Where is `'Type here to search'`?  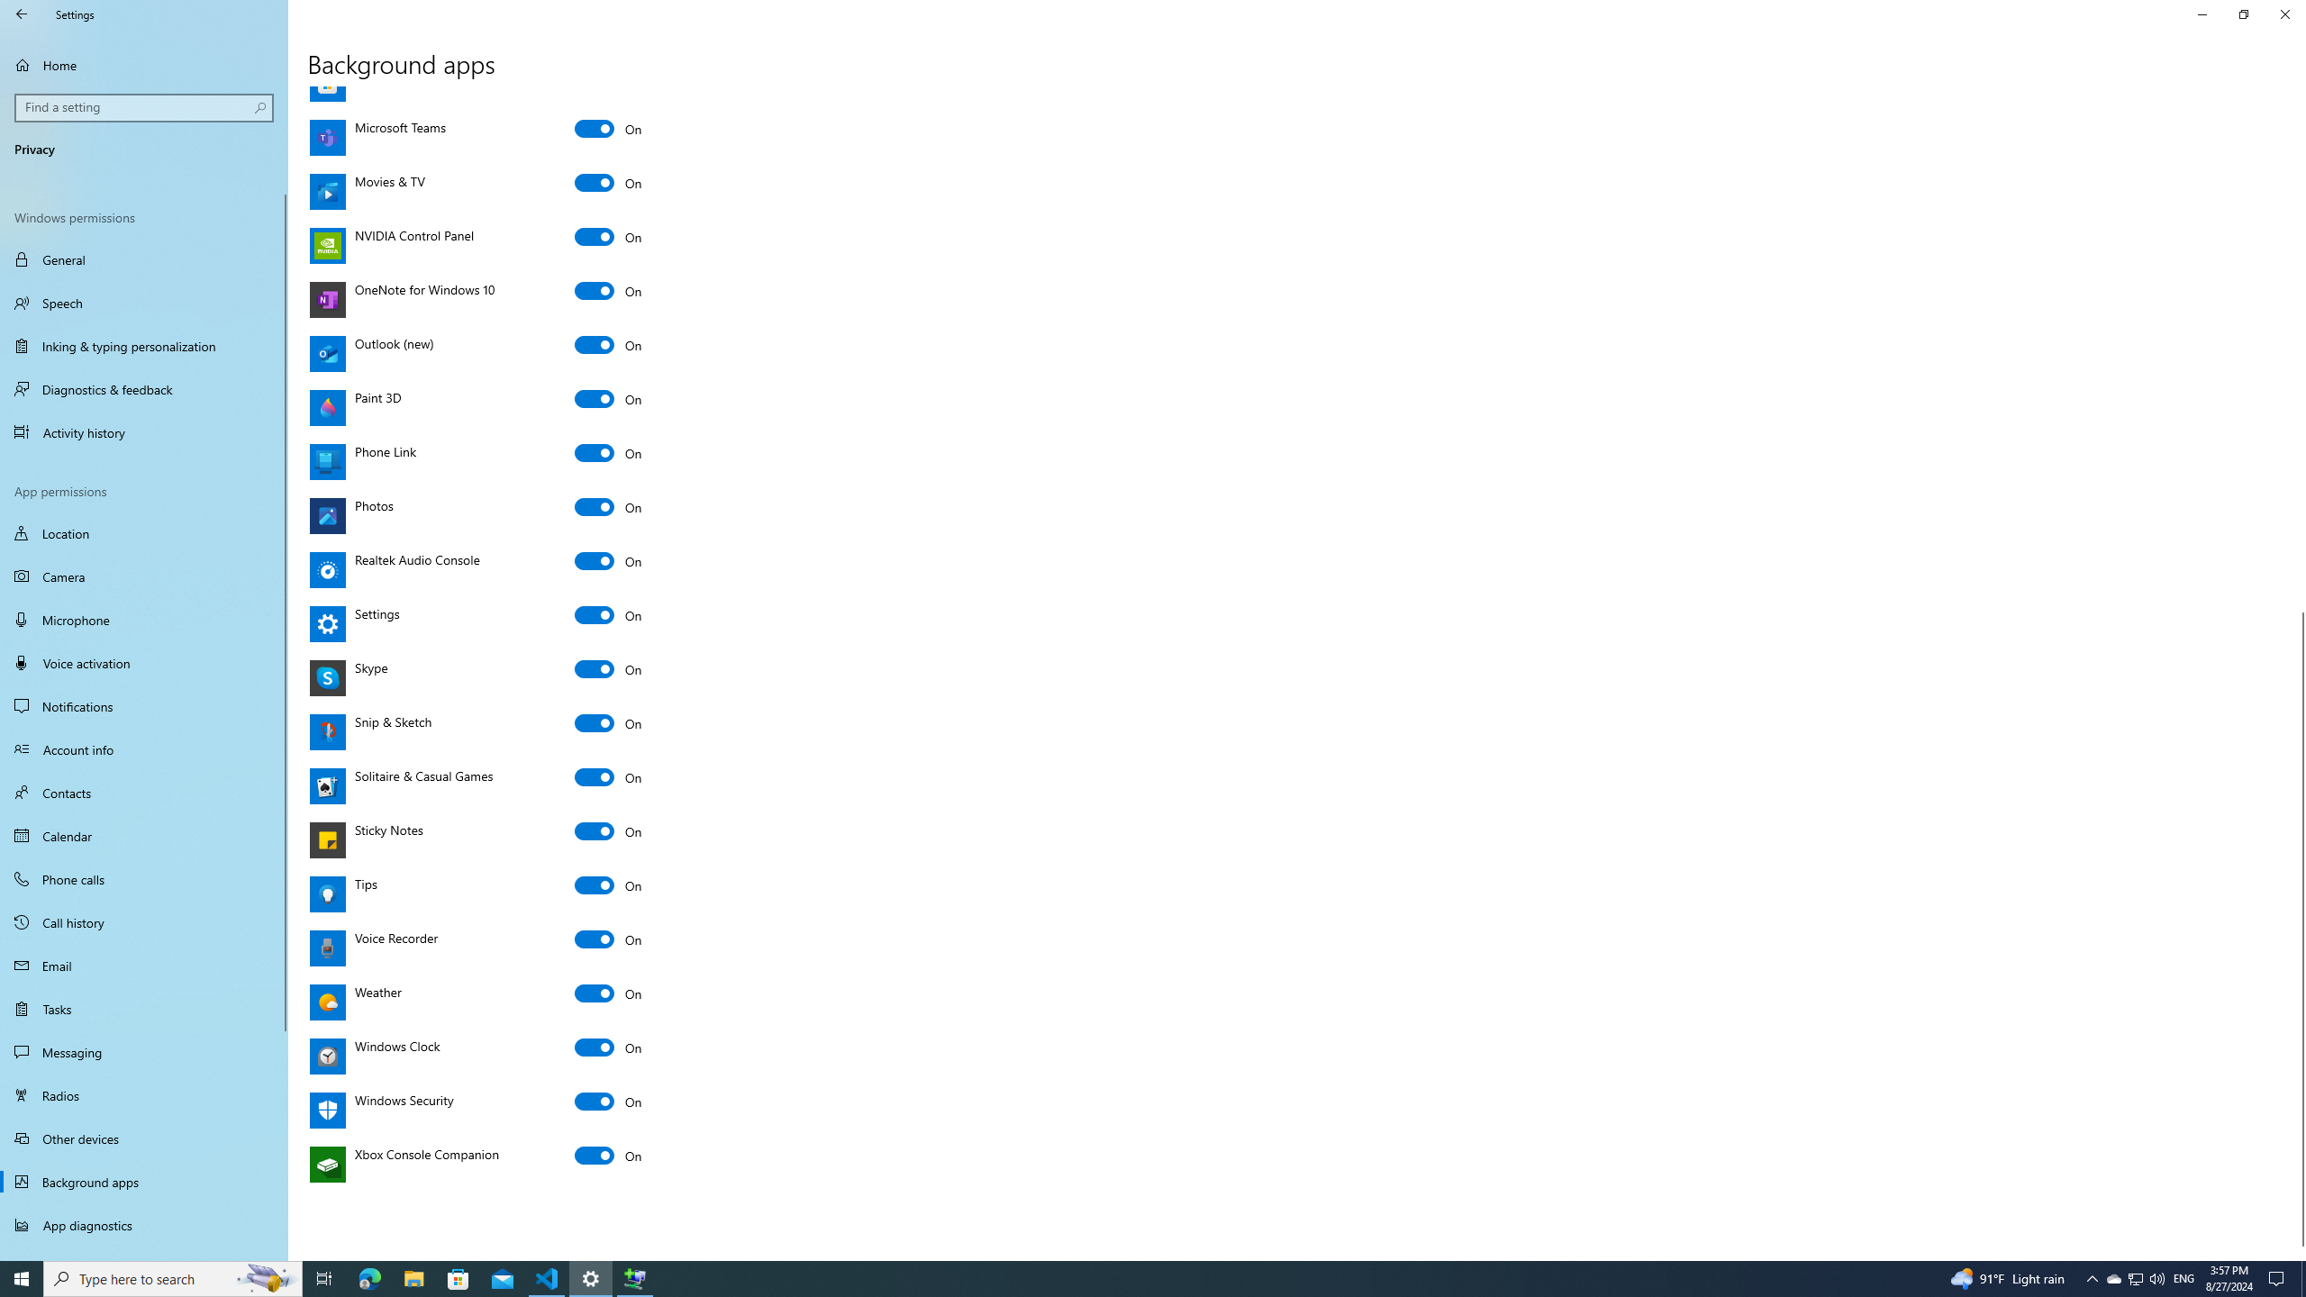
'Type here to search' is located at coordinates (172, 1277).